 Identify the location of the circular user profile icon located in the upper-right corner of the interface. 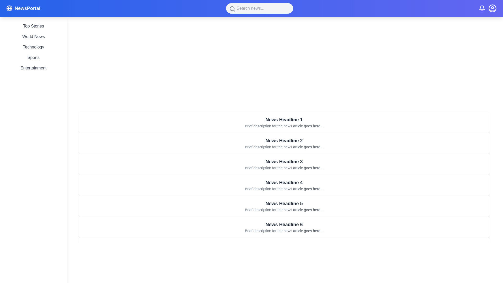
(492, 8).